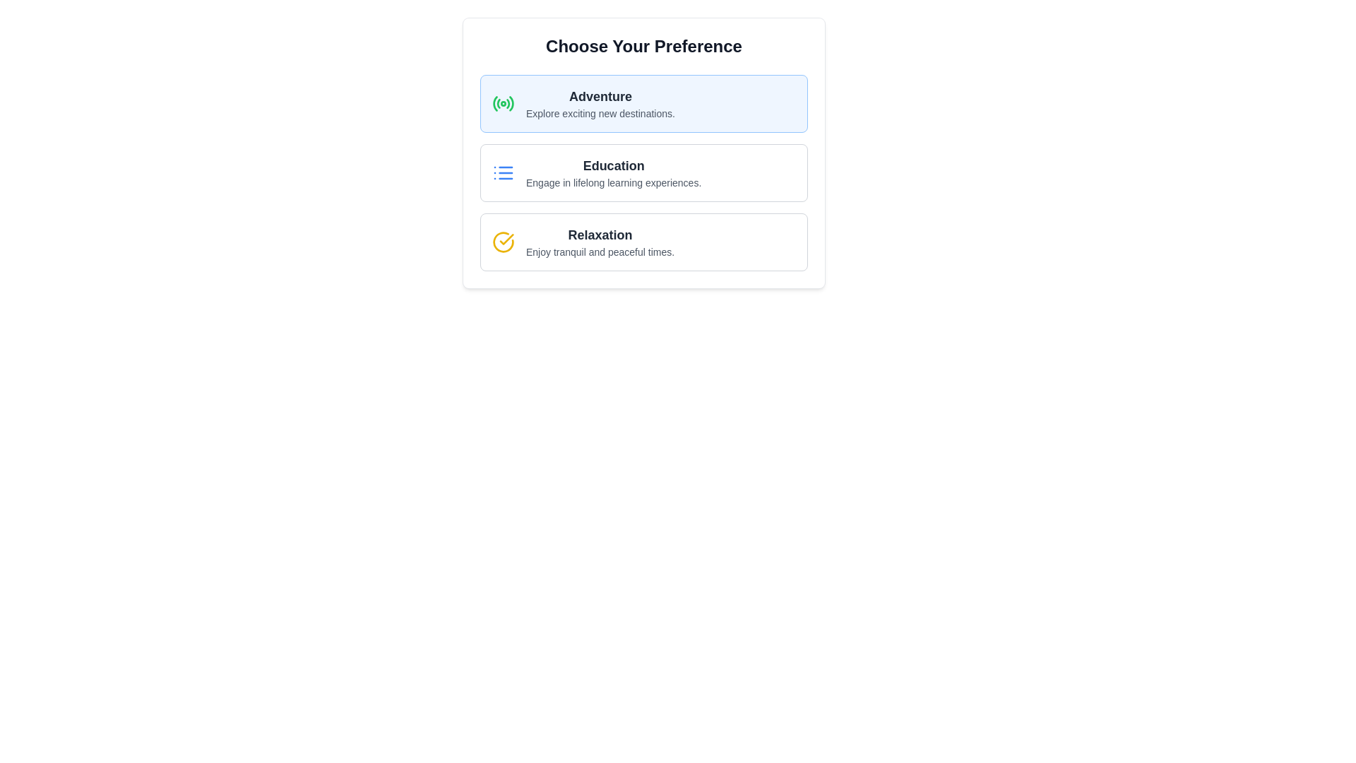 The width and height of the screenshot is (1356, 763). Describe the element at coordinates (504, 102) in the screenshot. I see `the design of the radiating green icon resembling a radio signal, located in the top-left corner of the 'Adventure' card, adjacent to the 'Adventure' text` at that location.